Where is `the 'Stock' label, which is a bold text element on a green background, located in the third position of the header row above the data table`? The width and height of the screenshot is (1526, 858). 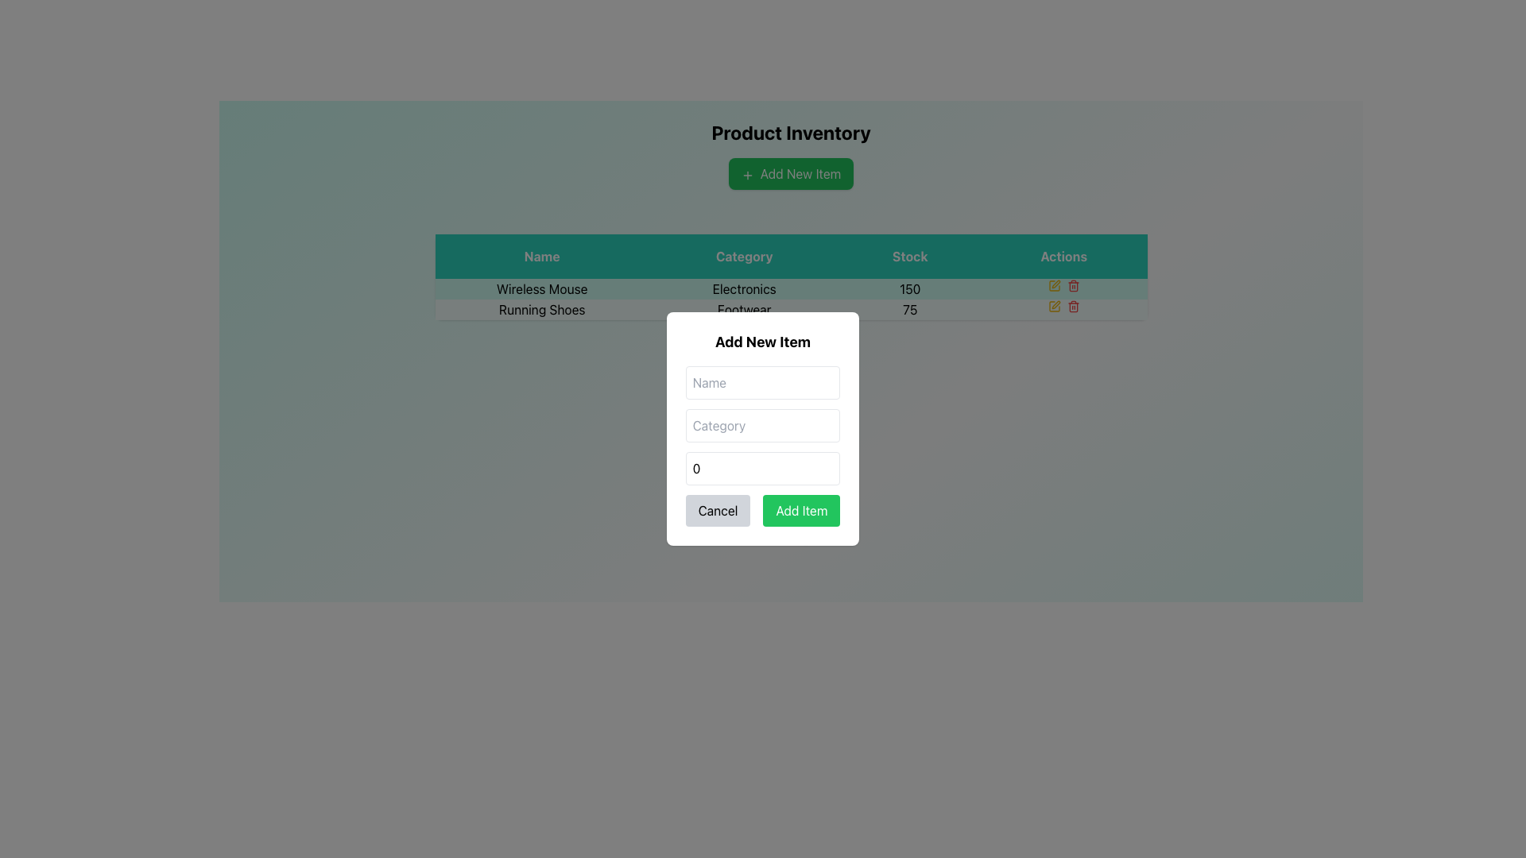
the 'Stock' label, which is a bold text element on a green background, located in the third position of the header row above the data table is located at coordinates (910, 256).